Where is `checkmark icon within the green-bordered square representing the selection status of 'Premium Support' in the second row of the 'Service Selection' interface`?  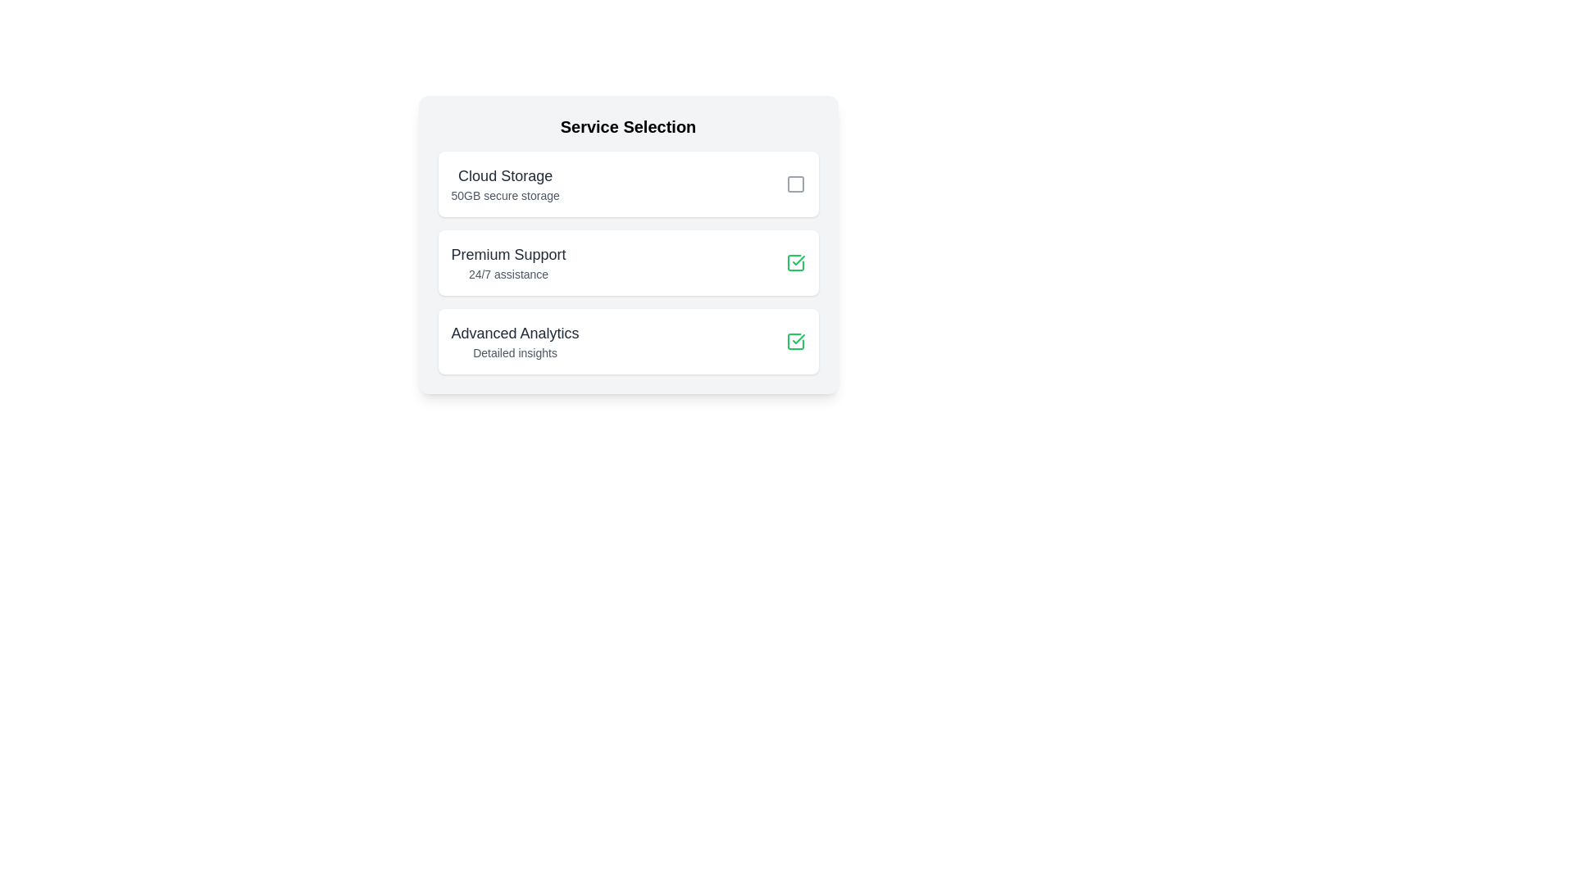 checkmark icon within the green-bordered square representing the selection status of 'Premium Support' in the second row of the 'Service Selection' interface is located at coordinates (798, 259).